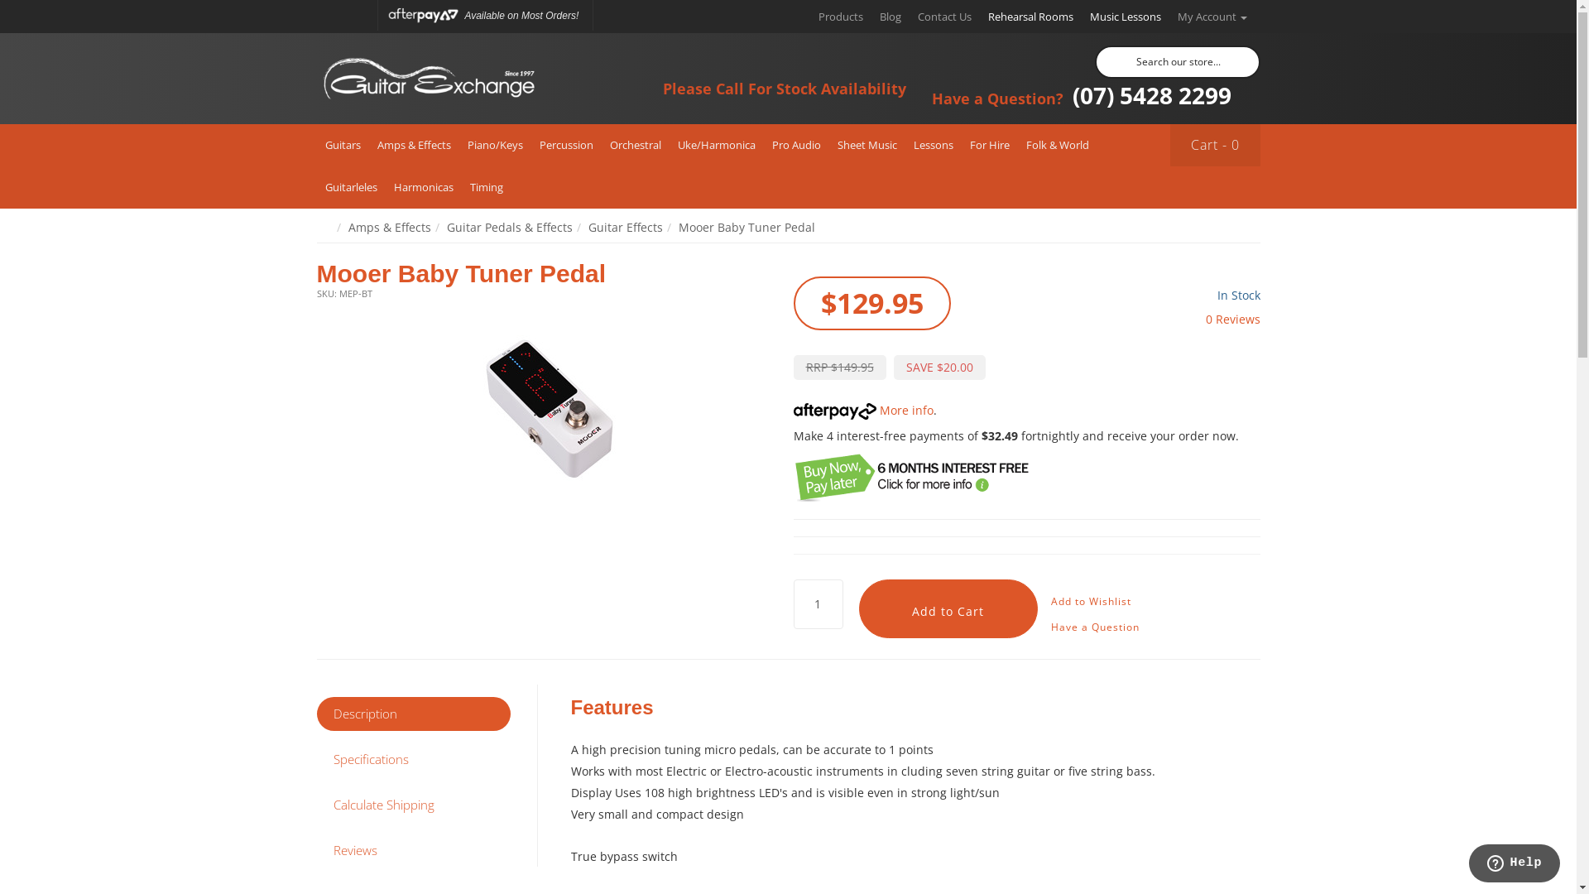 The height and width of the screenshot is (894, 1589). What do you see at coordinates (493, 144) in the screenshot?
I see `'Piano/Keys'` at bounding box center [493, 144].